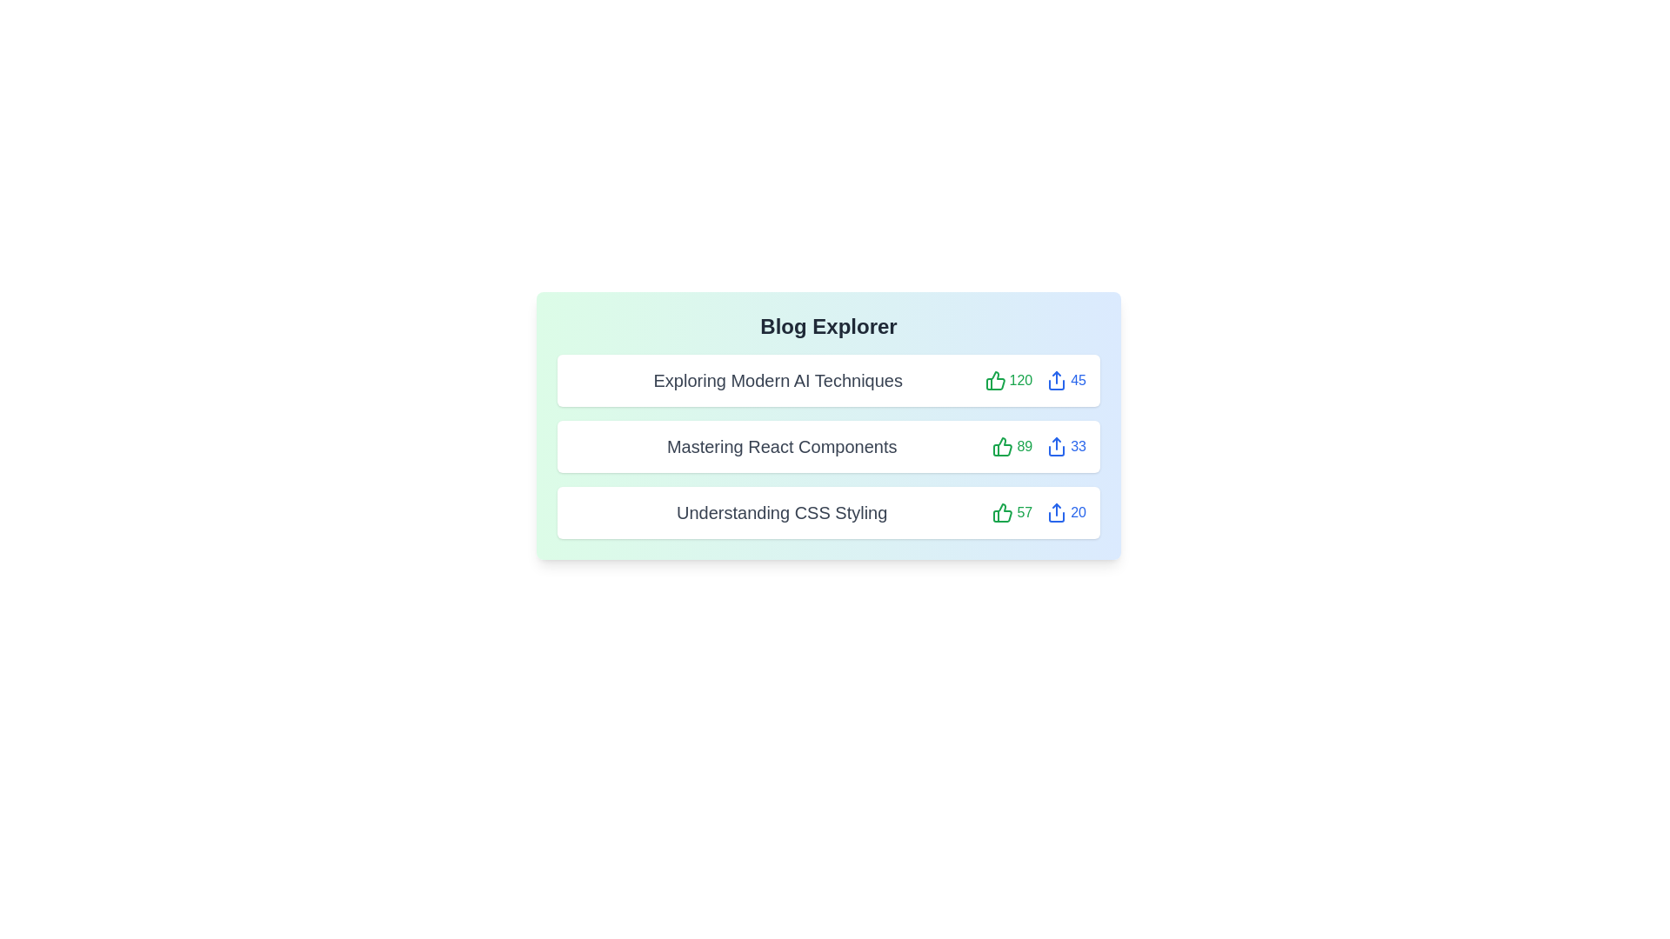 This screenshot has width=1670, height=939. Describe the element at coordinates (1012, 512) in the screenshot. I see `the like button for the blog post titled 'Understanding CSS Styling'` at that location.